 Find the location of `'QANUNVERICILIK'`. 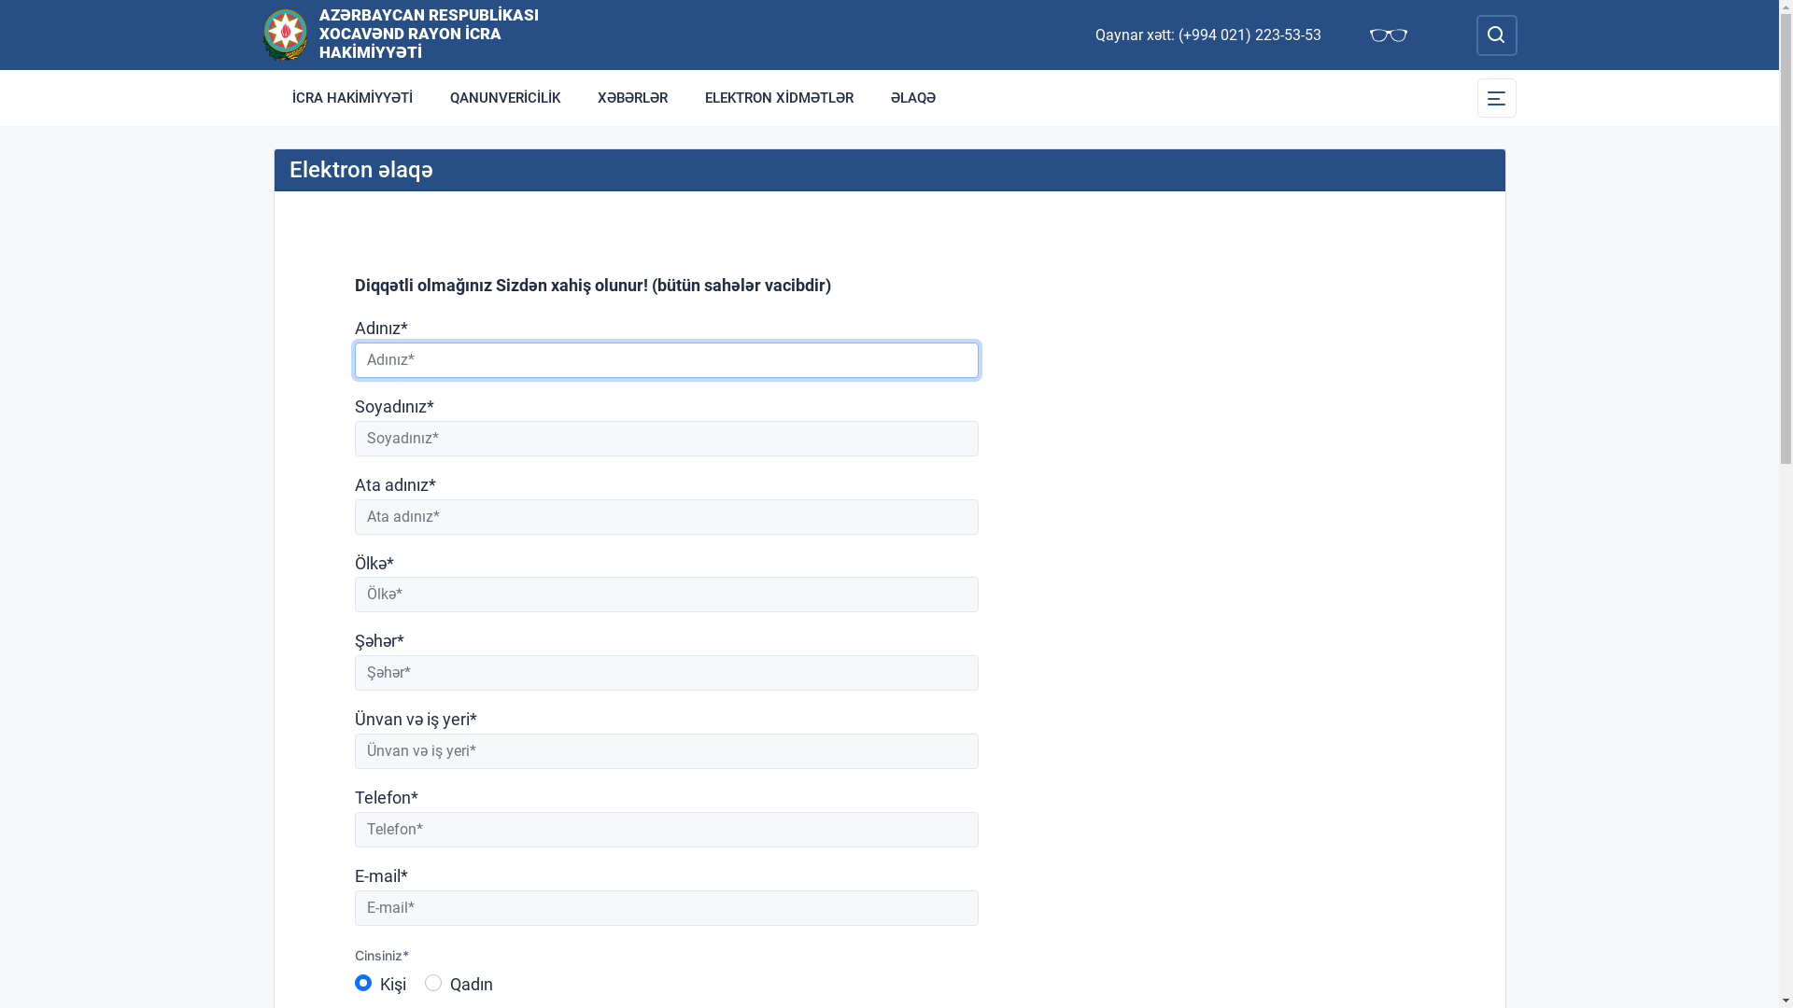

'QANUNVERICILIK' is located at coordinates (505, 97).